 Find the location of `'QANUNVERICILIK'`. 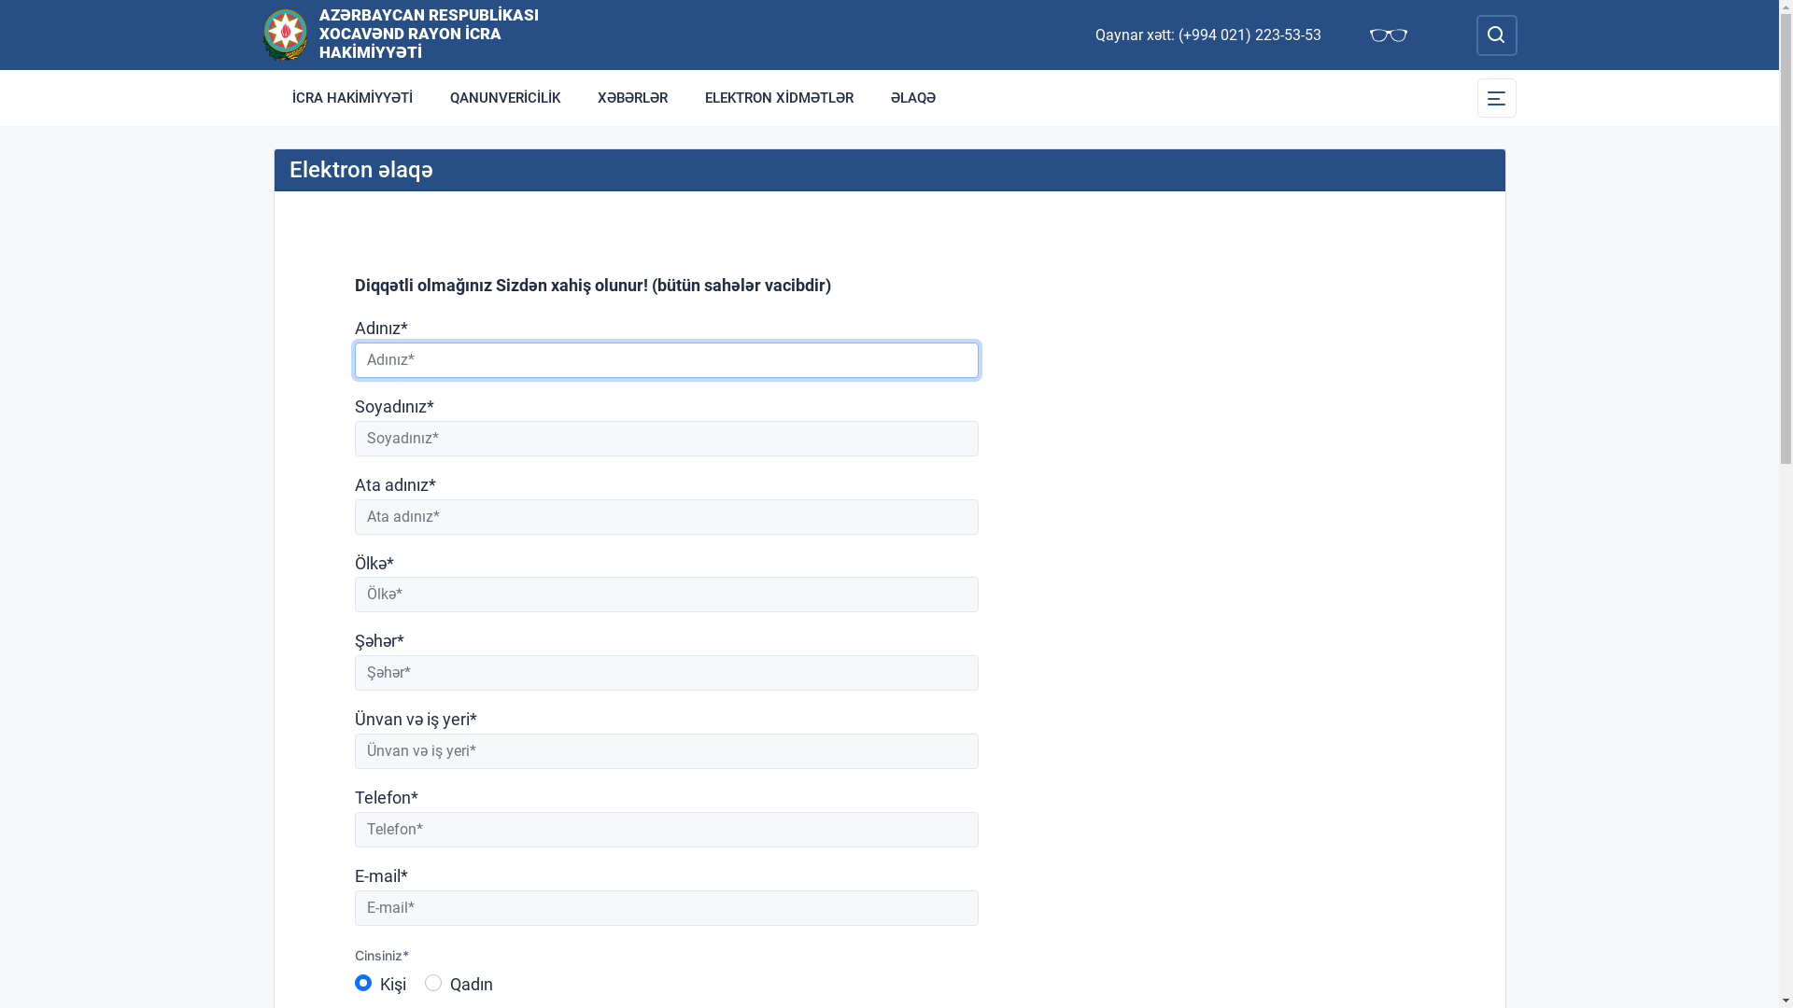

'QANUNVERICILIK' is located at coordinates (505, 97).